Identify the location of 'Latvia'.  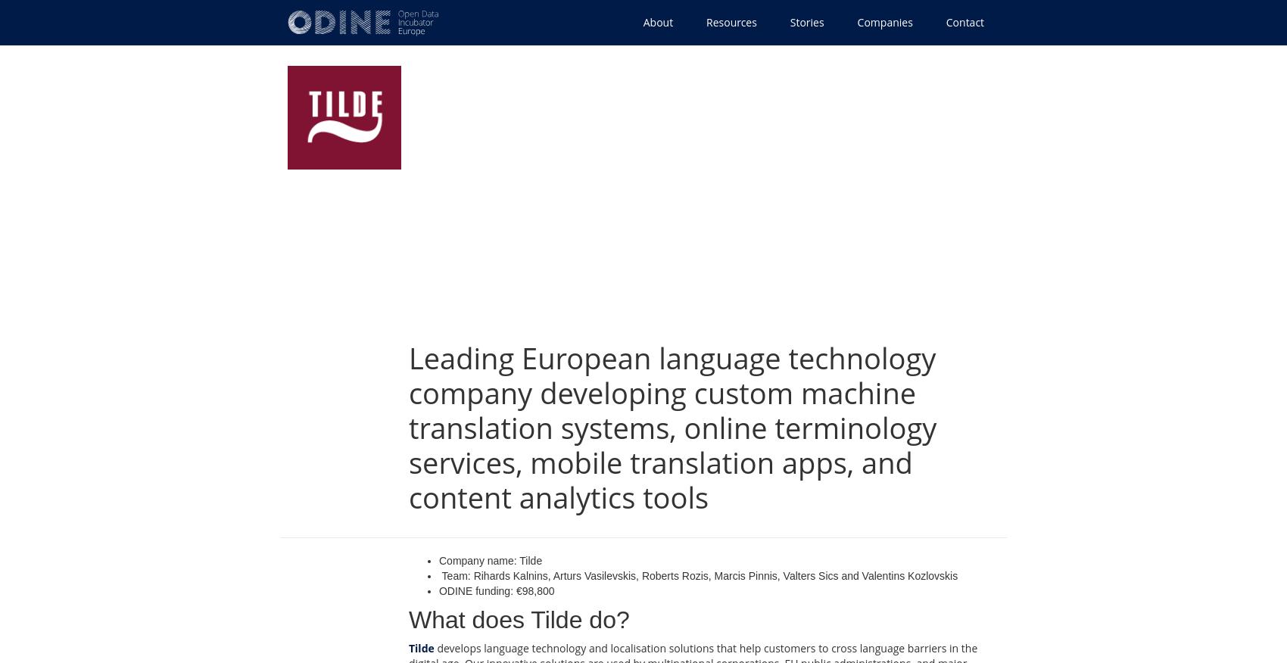
(344, 251).